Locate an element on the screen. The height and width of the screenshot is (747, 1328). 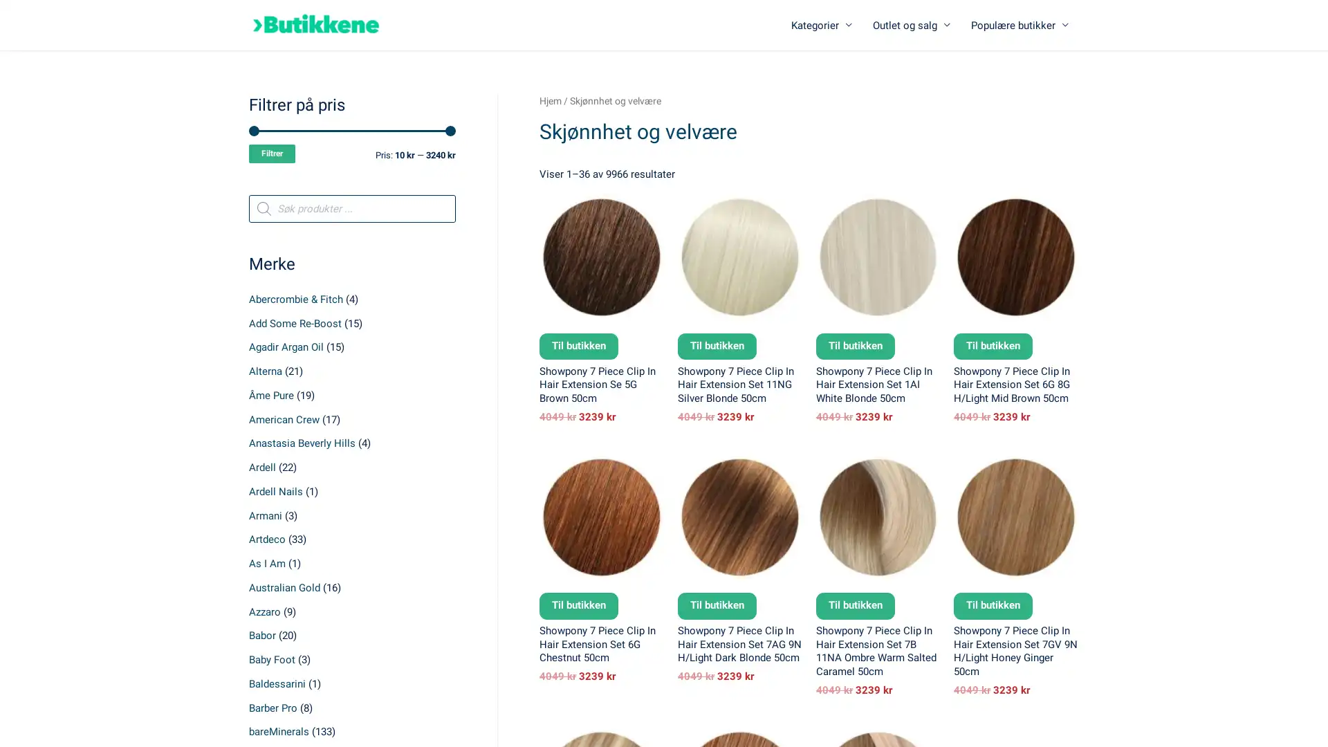
Filtrer is located at coordinates (272, 154).